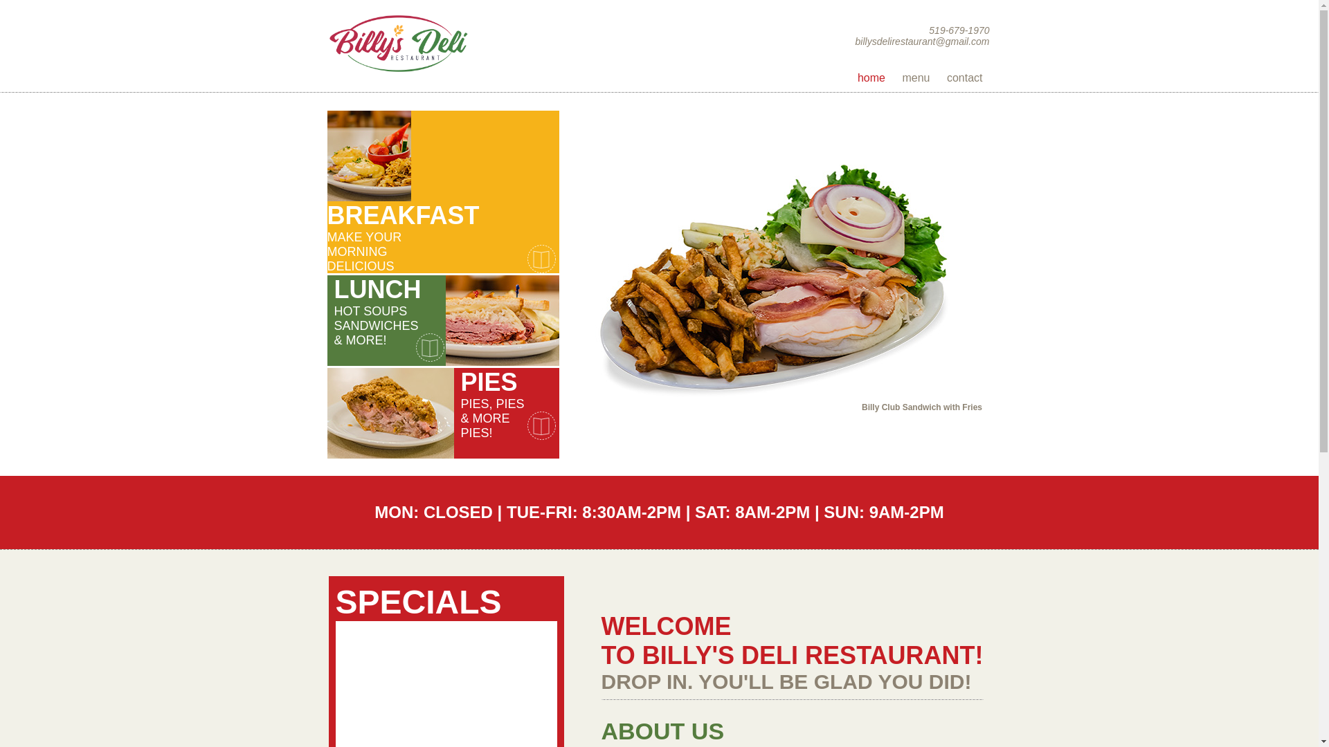  Describe the element at coordinates (923, 41) in the screenshot. I see `'billysdelirestaurant@gmail.com'` at that location.